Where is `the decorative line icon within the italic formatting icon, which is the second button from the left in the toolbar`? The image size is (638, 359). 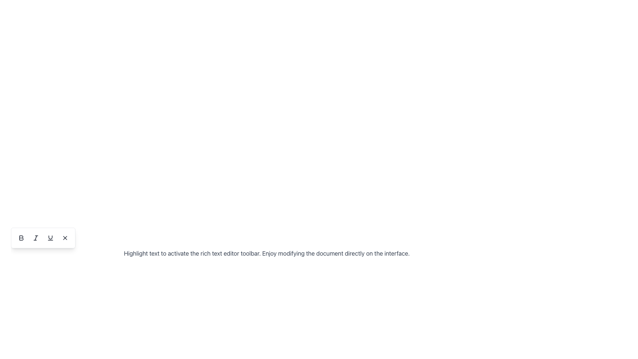
the decorative line icon within the italic formatting icon, which is the second button from the left in the toolbar is located at coordinates (36, 238).